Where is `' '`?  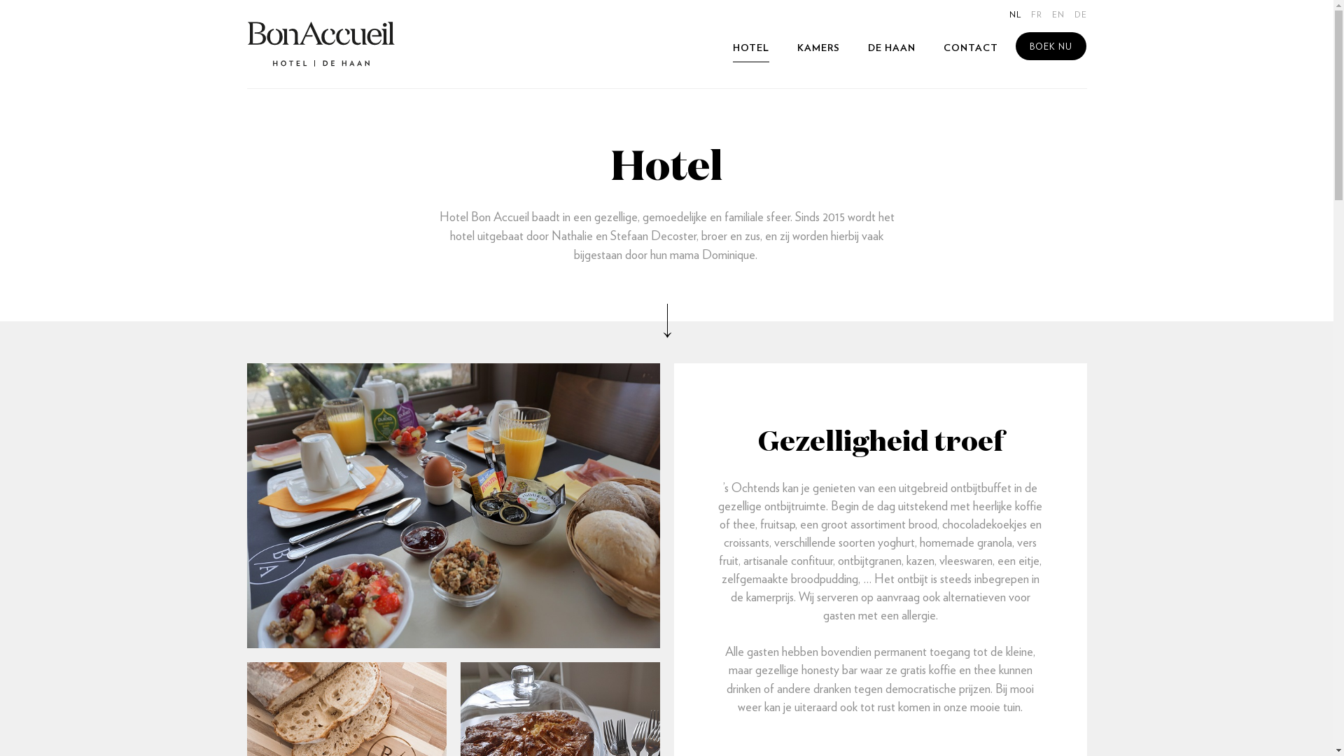 ' ' is located at coordinates (321, 43).